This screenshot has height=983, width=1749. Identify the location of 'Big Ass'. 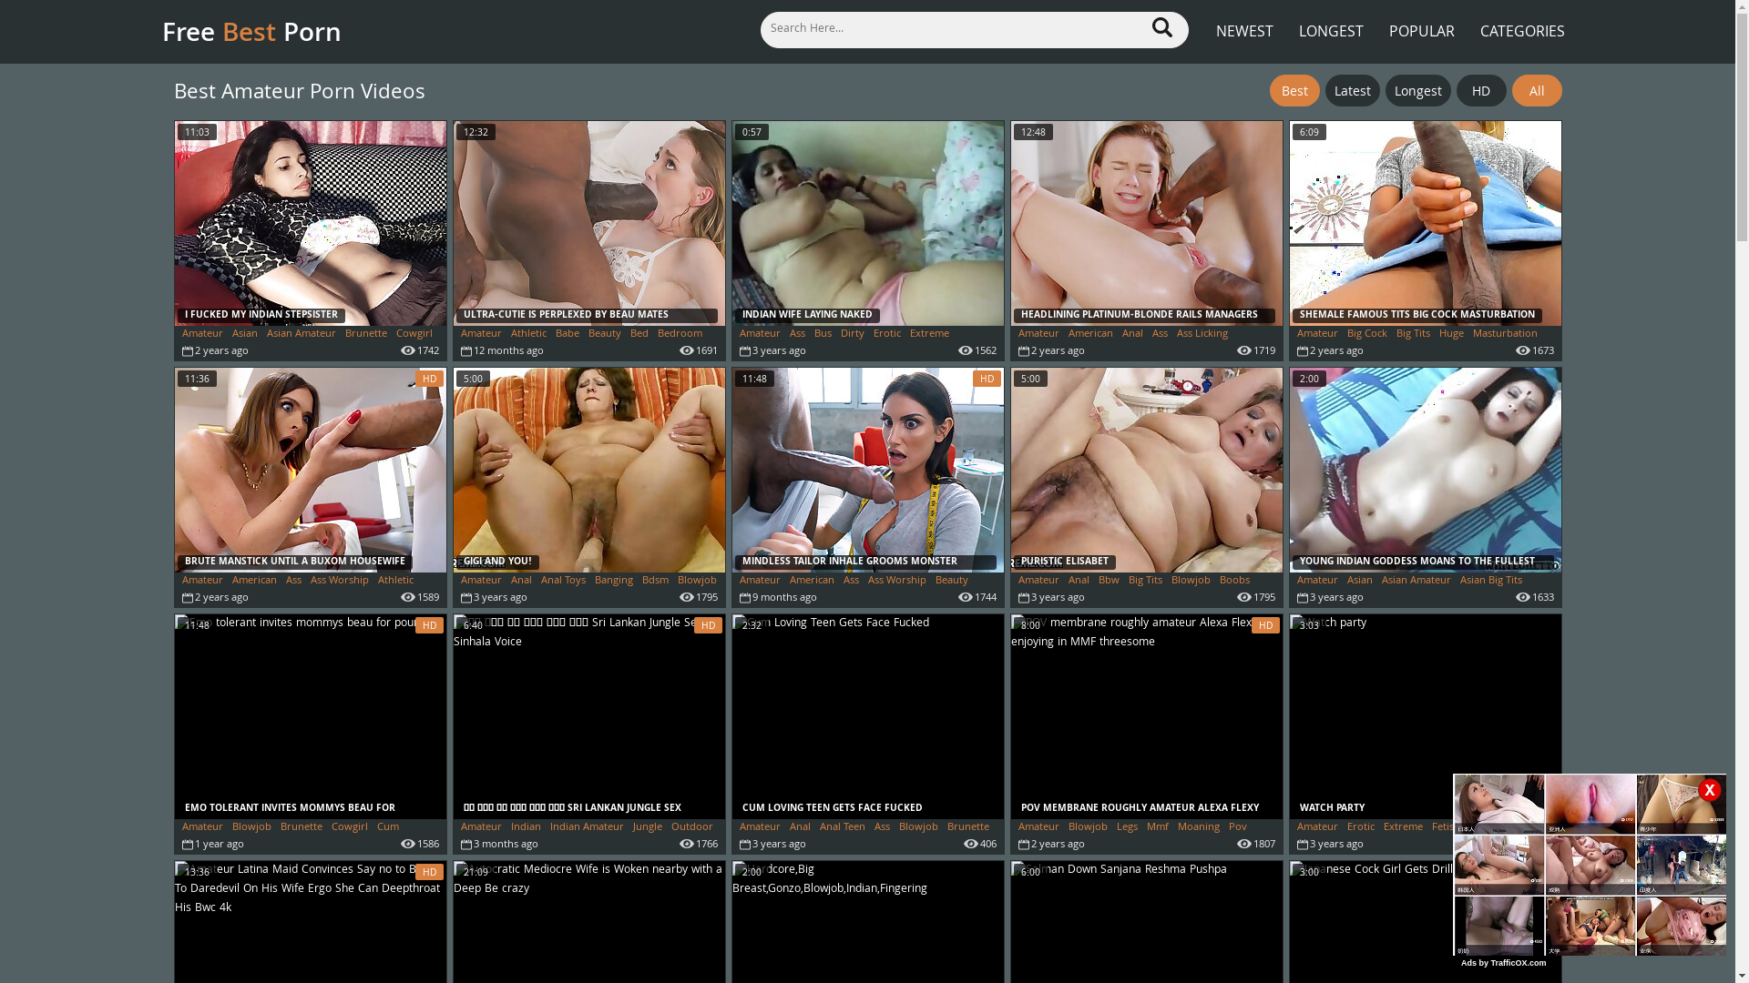
(756, 596).